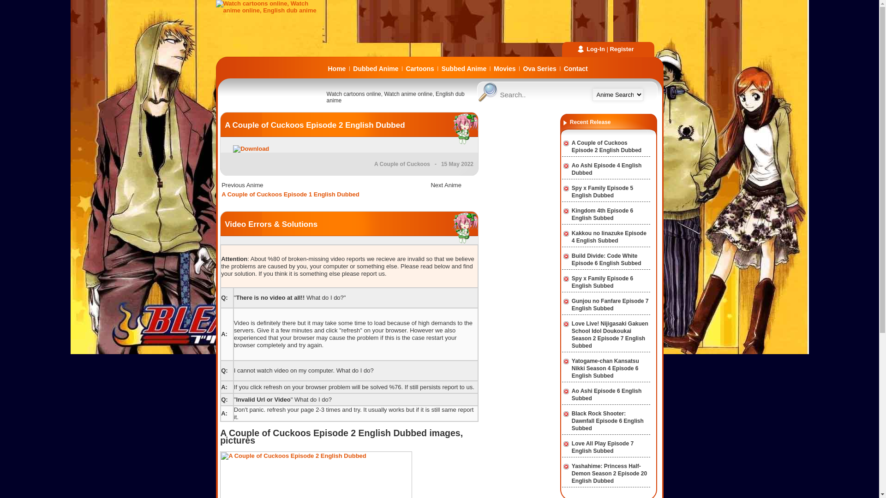 This screenshot has width=886, height=498. I want to click on 'Video Errors & Solutions', so click(270, 224).